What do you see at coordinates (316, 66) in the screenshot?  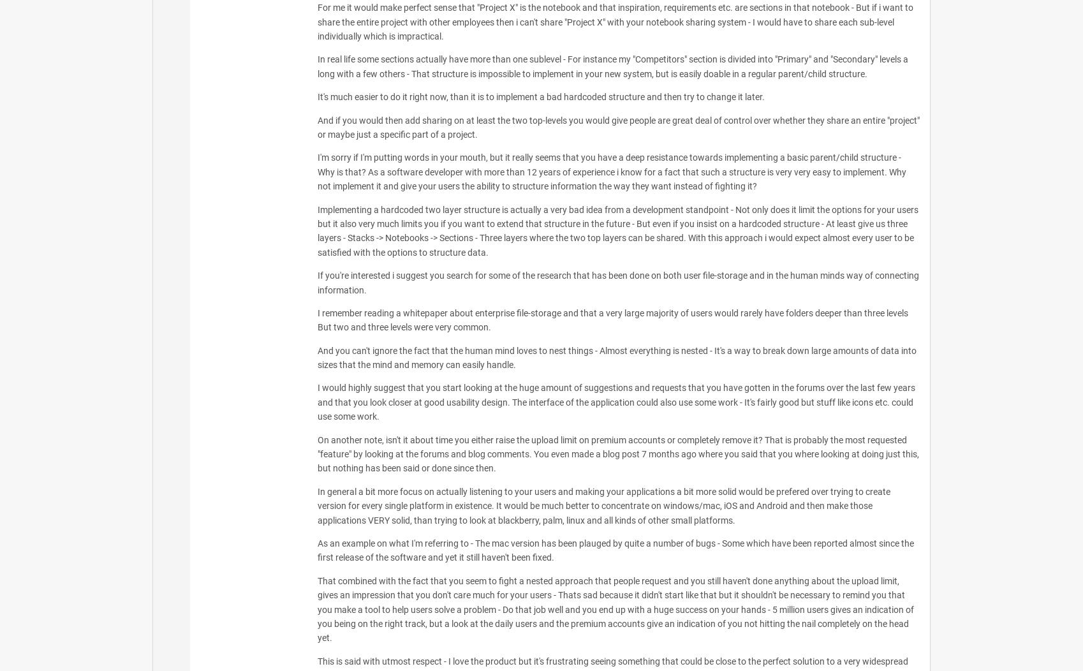 I see `'In real life some sections actually have more than one sublevel - For instance my "Competitors" section is divided into "Primary" and "Secondary" levels a long with a few others - That structure is impossible to implement in your new system, but is easily doable in a regular parent/child structure.'` at bounding box center [316, 66].